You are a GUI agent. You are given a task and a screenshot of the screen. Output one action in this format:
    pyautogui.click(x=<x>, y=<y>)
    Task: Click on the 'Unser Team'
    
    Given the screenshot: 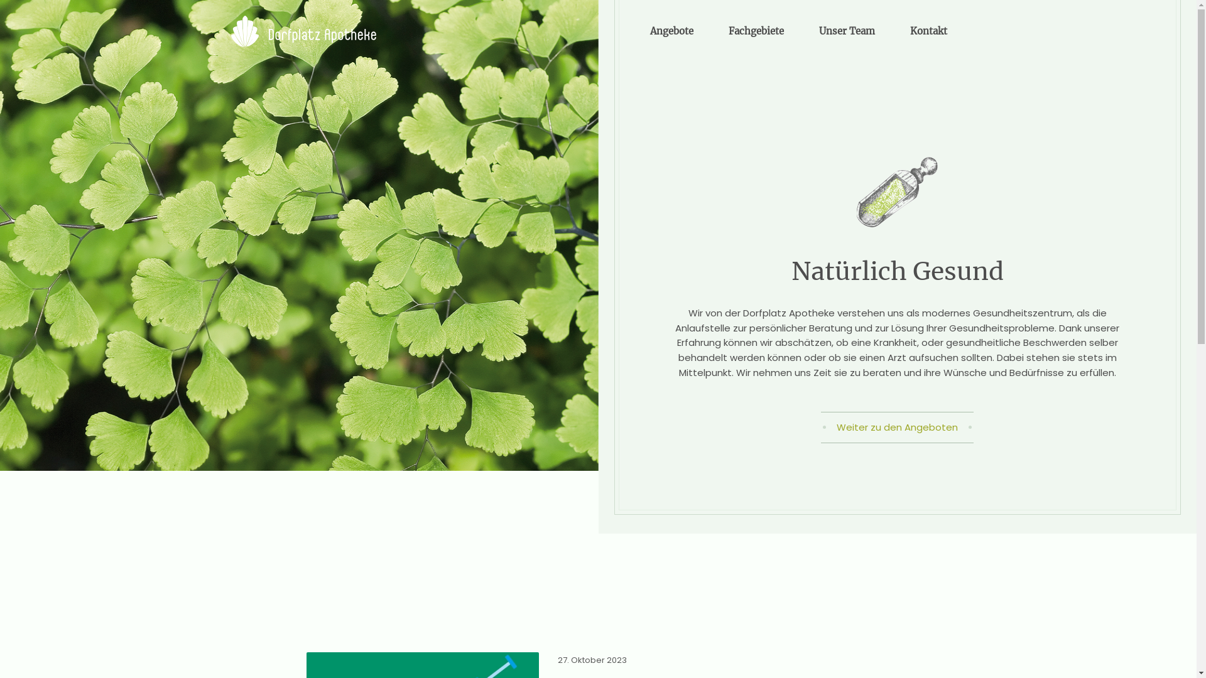 What is the action you would take?
    pyautogui.click(x=847, y=31)
    